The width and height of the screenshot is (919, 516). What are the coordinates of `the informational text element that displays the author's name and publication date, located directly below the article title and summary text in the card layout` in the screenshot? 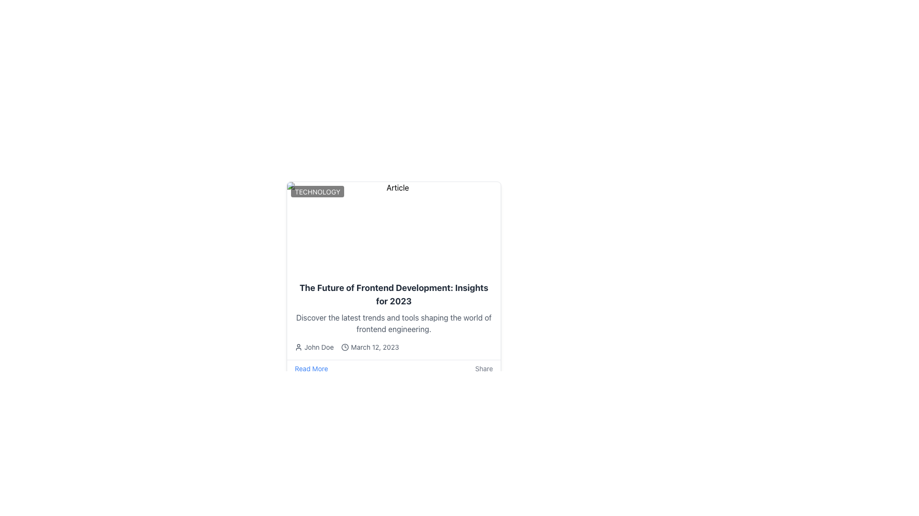 It's located at (393, 347).